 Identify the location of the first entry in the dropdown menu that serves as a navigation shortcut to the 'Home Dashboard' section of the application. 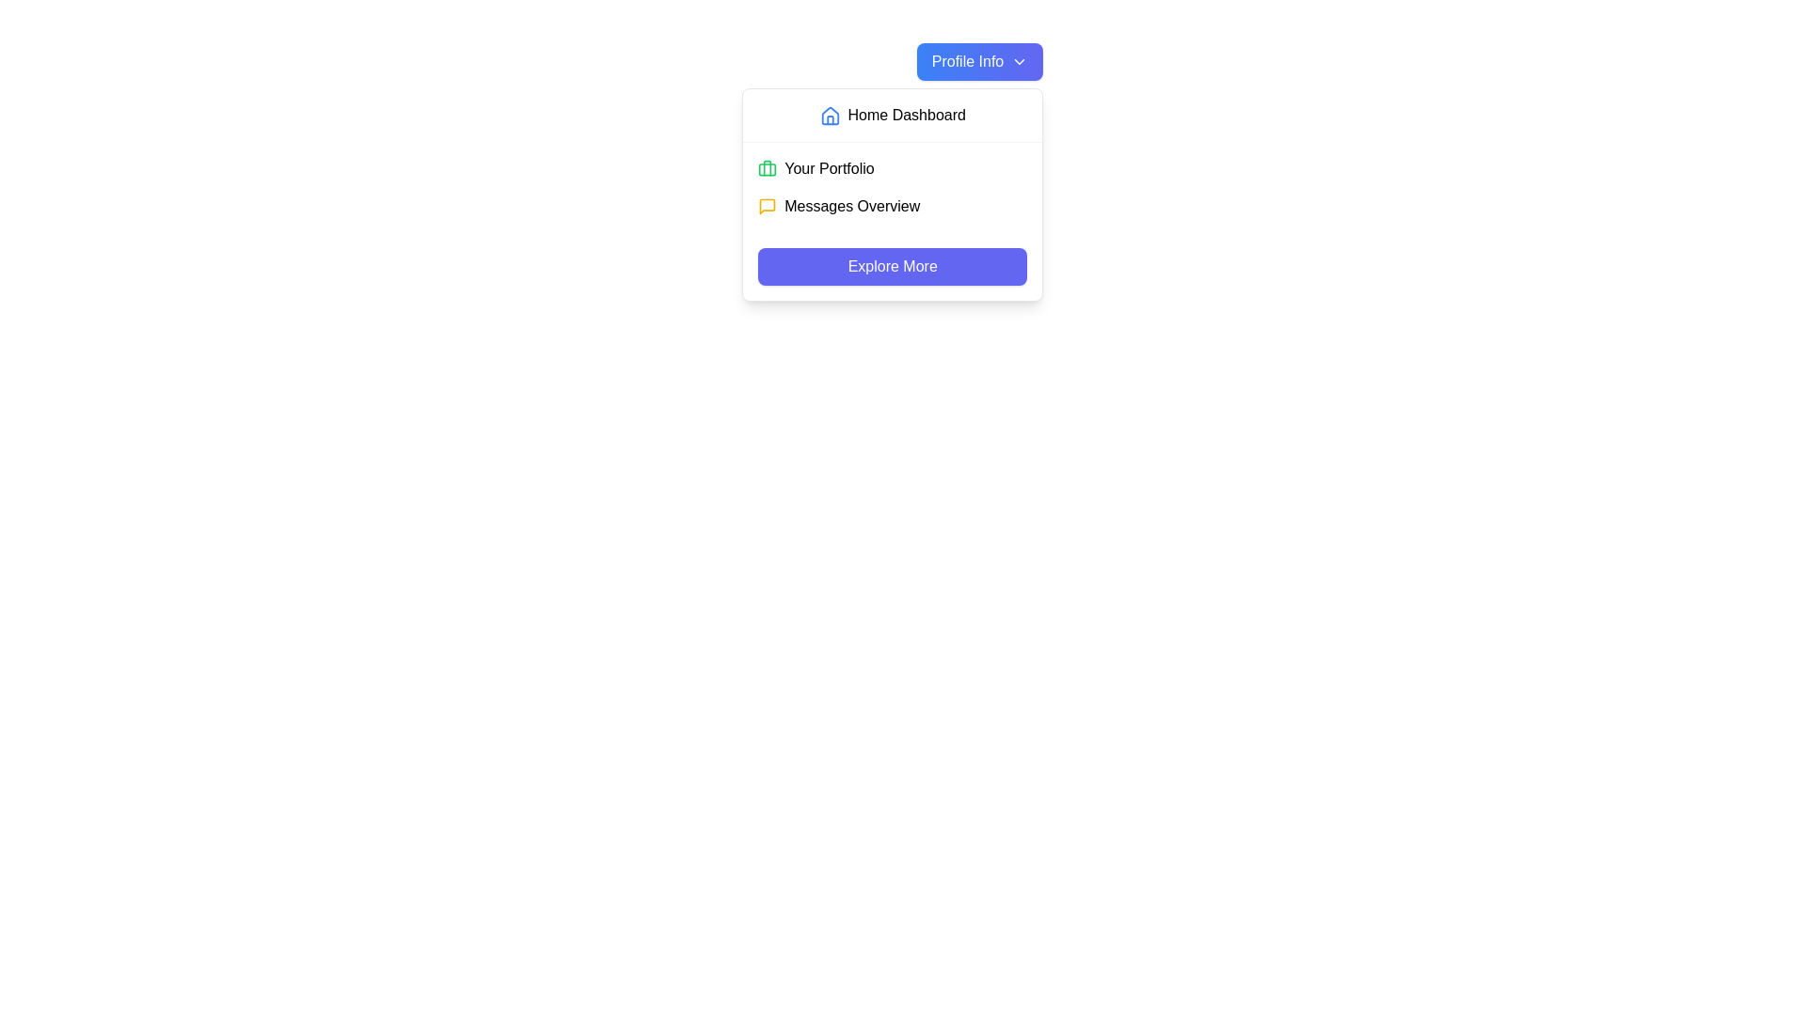
(892, 116).